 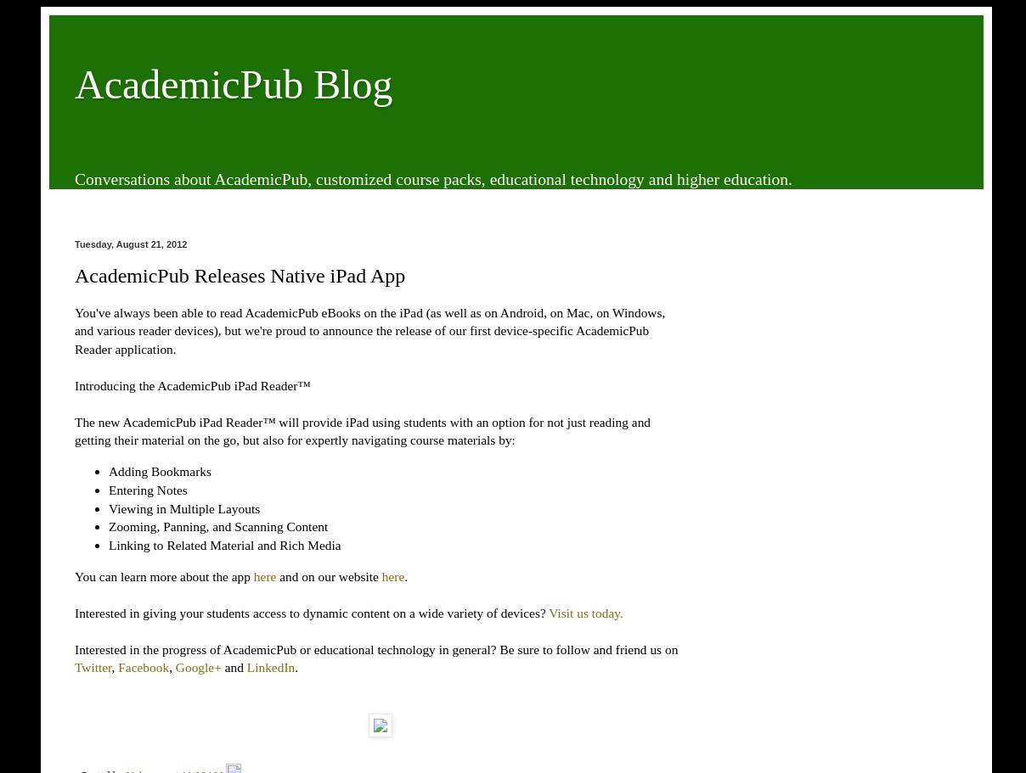 I want to click on 'You can learn more about the app', so click(x=164, y=574).